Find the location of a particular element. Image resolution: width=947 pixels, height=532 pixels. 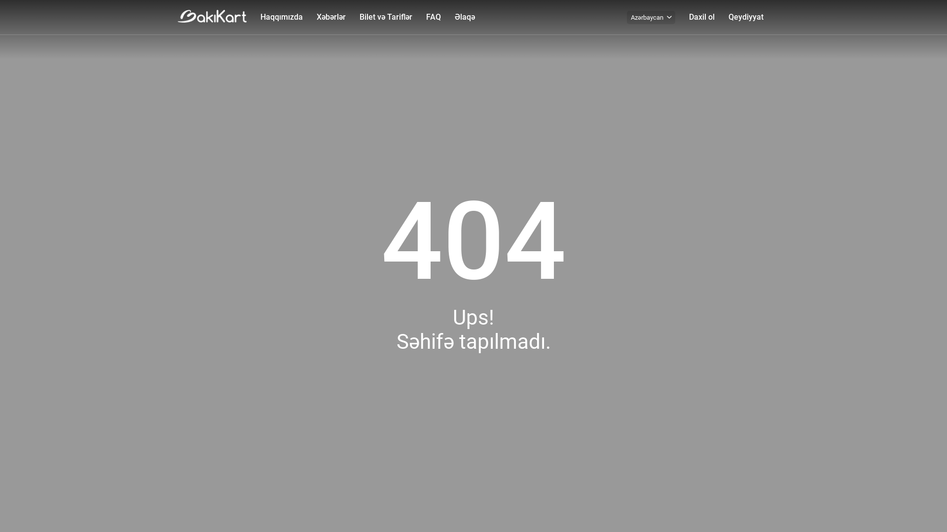

'Qeydiyyat' is located at coordinates (746, 17).